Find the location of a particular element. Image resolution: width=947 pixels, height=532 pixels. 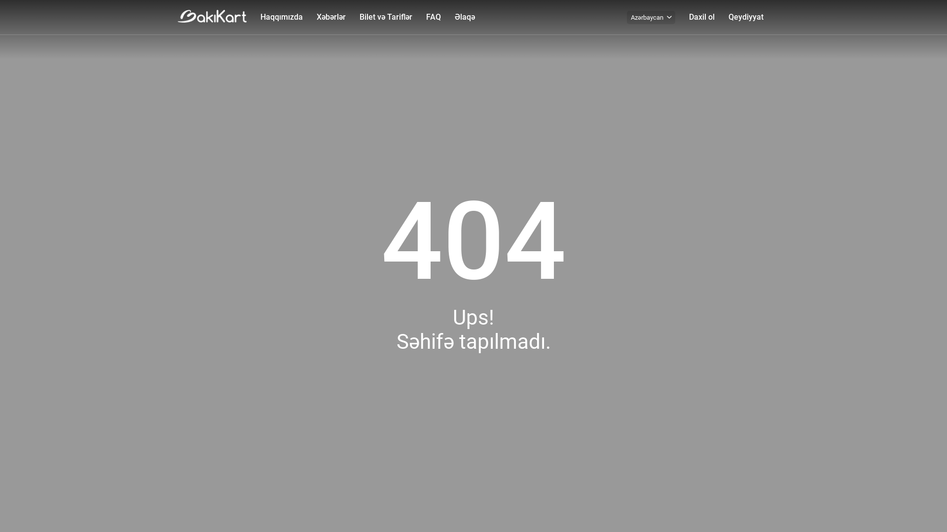

'Qeydiyyat' is located at coordinates (746, 17).